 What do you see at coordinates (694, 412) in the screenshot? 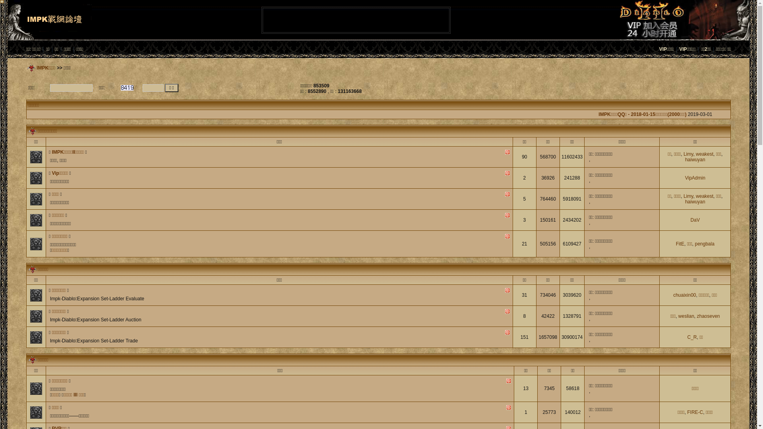
I see `'FIRE-C'` at bounding box center [694, 412].